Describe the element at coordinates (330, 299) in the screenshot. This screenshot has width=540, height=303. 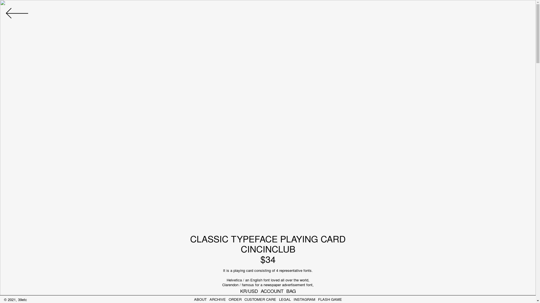
I see `'FLASH GAME'` at that location.